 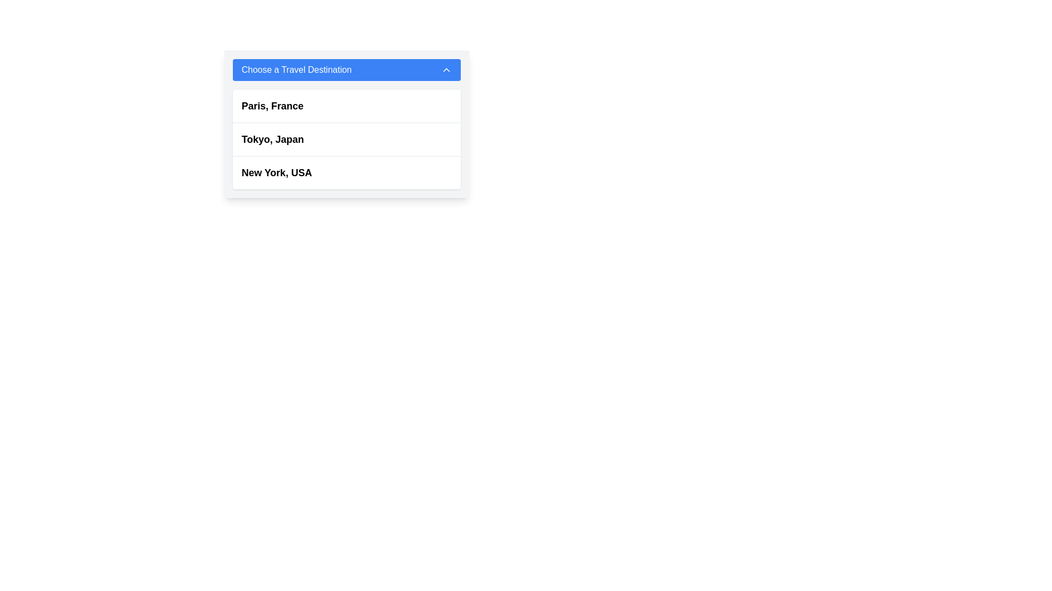 What do you see at coordinates (346, 172) in the screenshot?
I see `the dropdown list item labeled 'New York, USA'` at bounding box center [346, 172].